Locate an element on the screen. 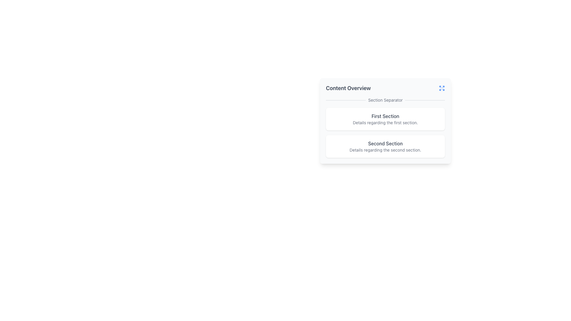 The image size is (571, 321). the Text Label that serves as a section divider in the interface, positioned centrally between two lines within a horizontal arrangement is located at coordinates (385, 100).